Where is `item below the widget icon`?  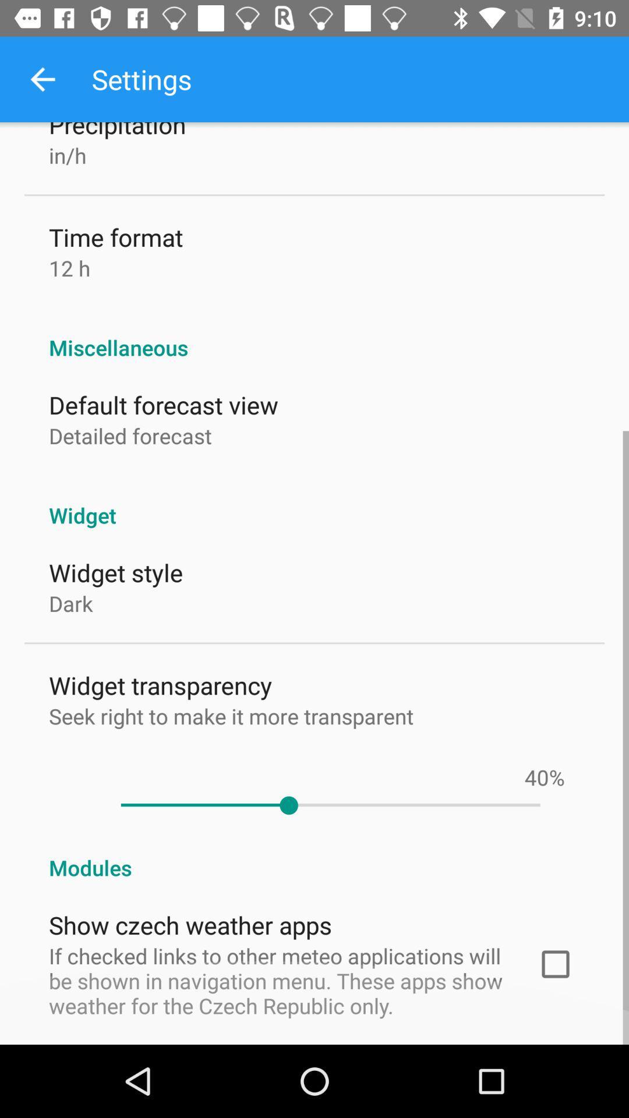
item below the widget icon is located at coordinates (536, 777).